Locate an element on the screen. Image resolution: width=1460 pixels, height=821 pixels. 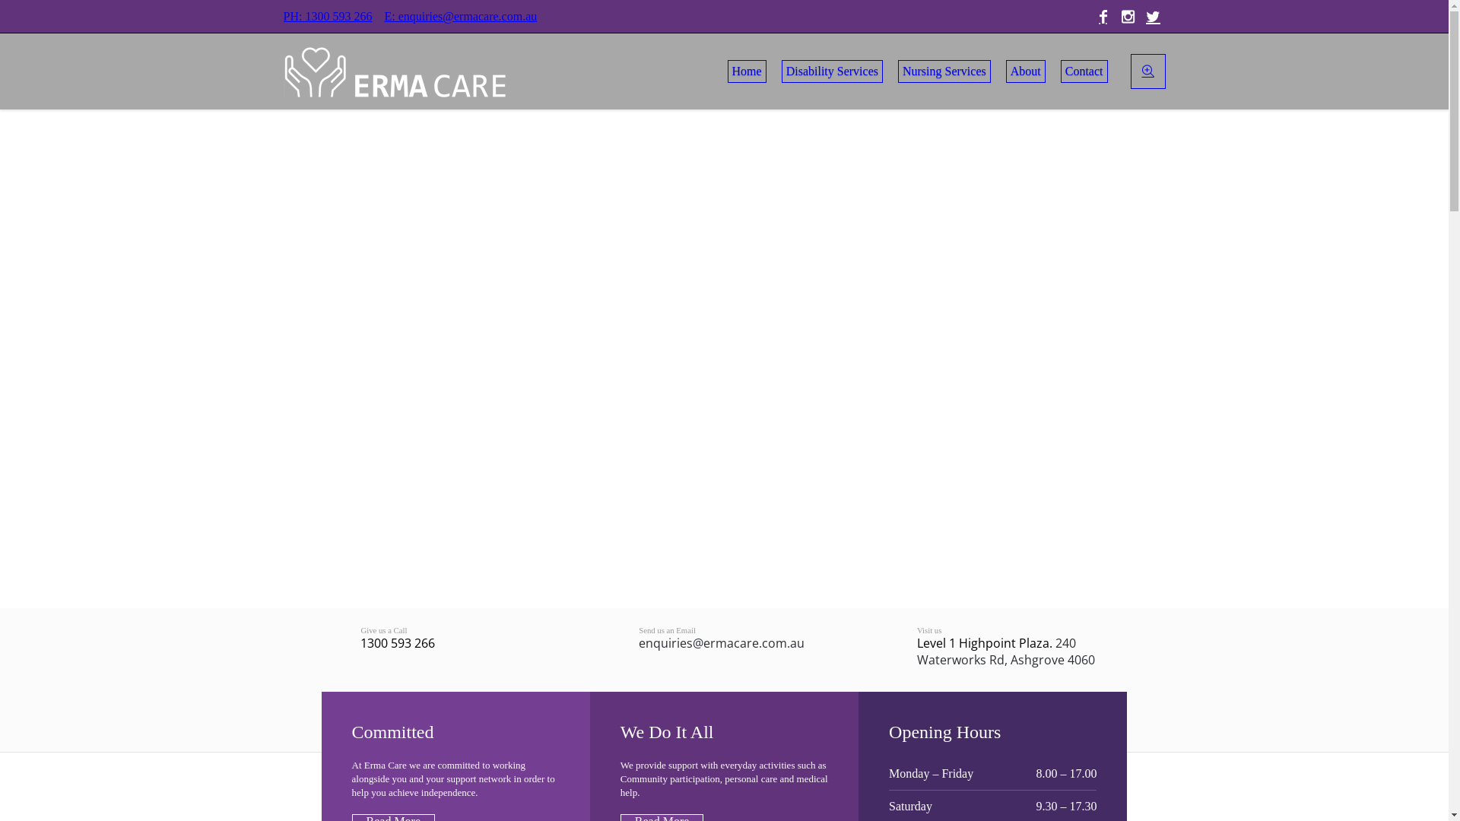
'Twitter' is located at coordinates (1153, 17).